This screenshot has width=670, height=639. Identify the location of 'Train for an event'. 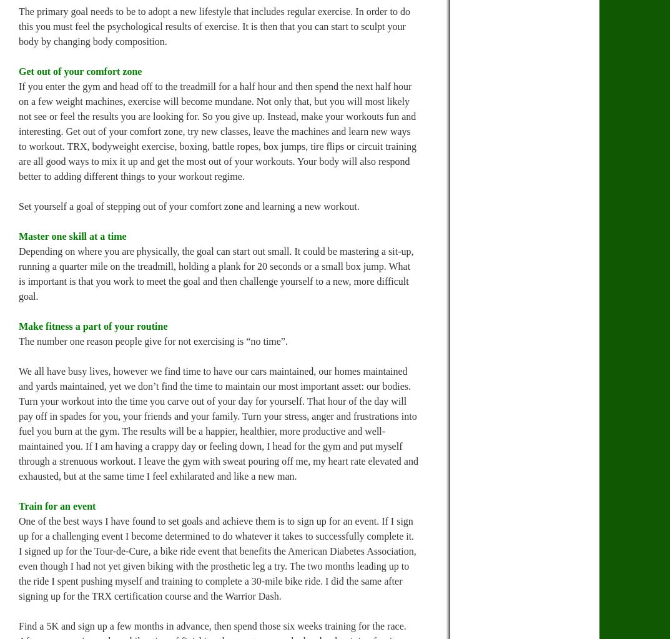
(57, 506).